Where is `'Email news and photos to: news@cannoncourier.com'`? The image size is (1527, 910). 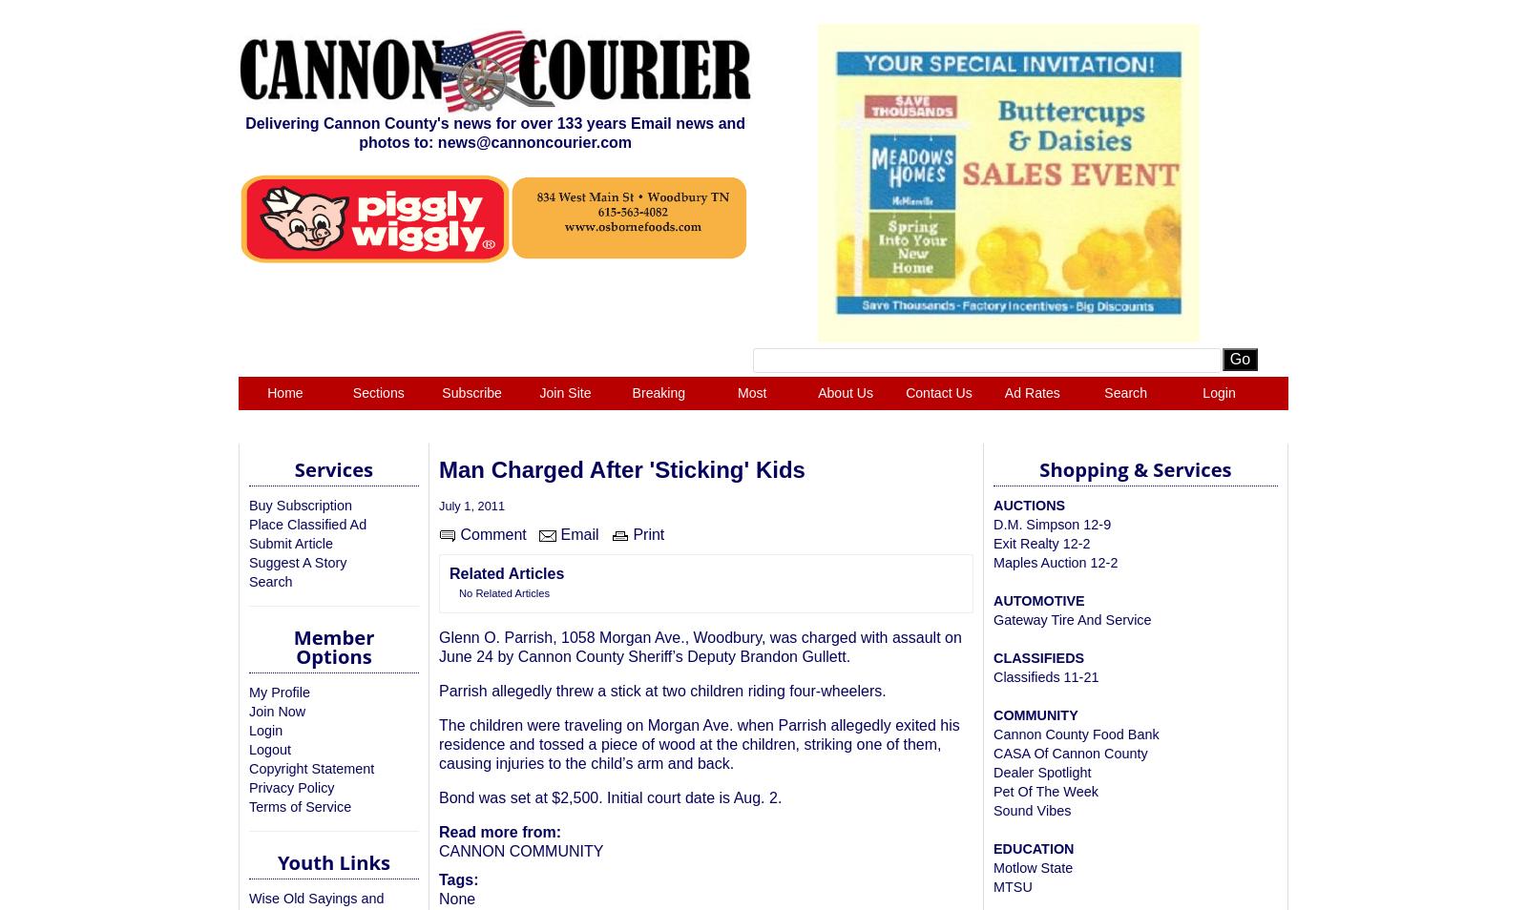
'Email news and photos to: news@cannoncourier.com' is located at coordinates (551, 131).